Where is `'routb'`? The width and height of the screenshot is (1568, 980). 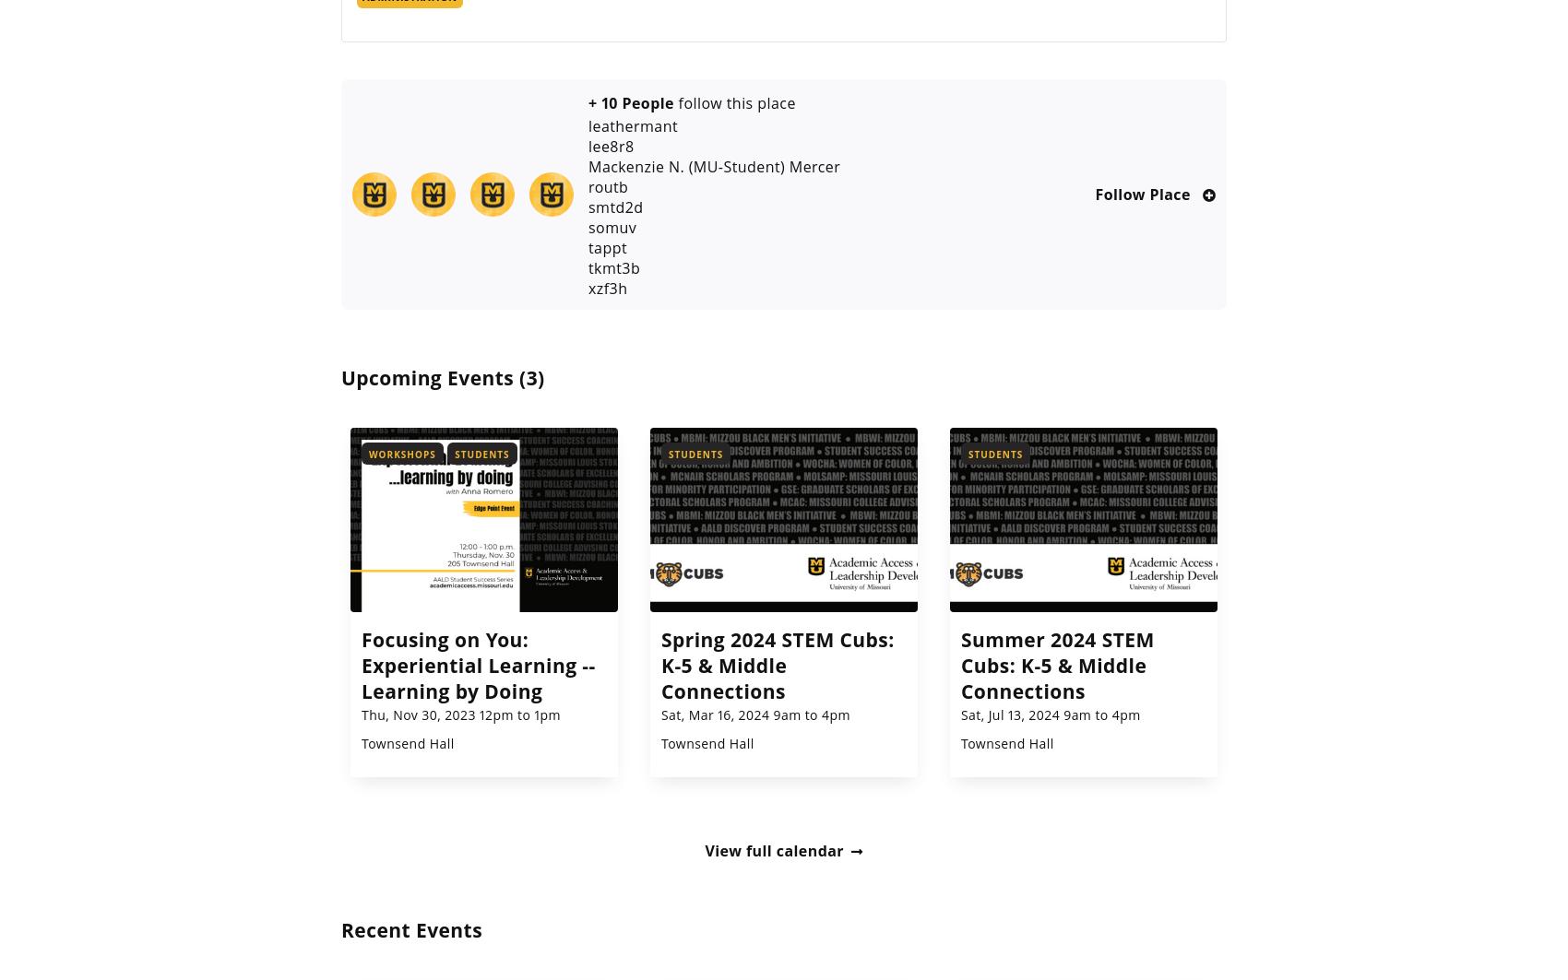 'routb' is located at coordinates (608, 185).